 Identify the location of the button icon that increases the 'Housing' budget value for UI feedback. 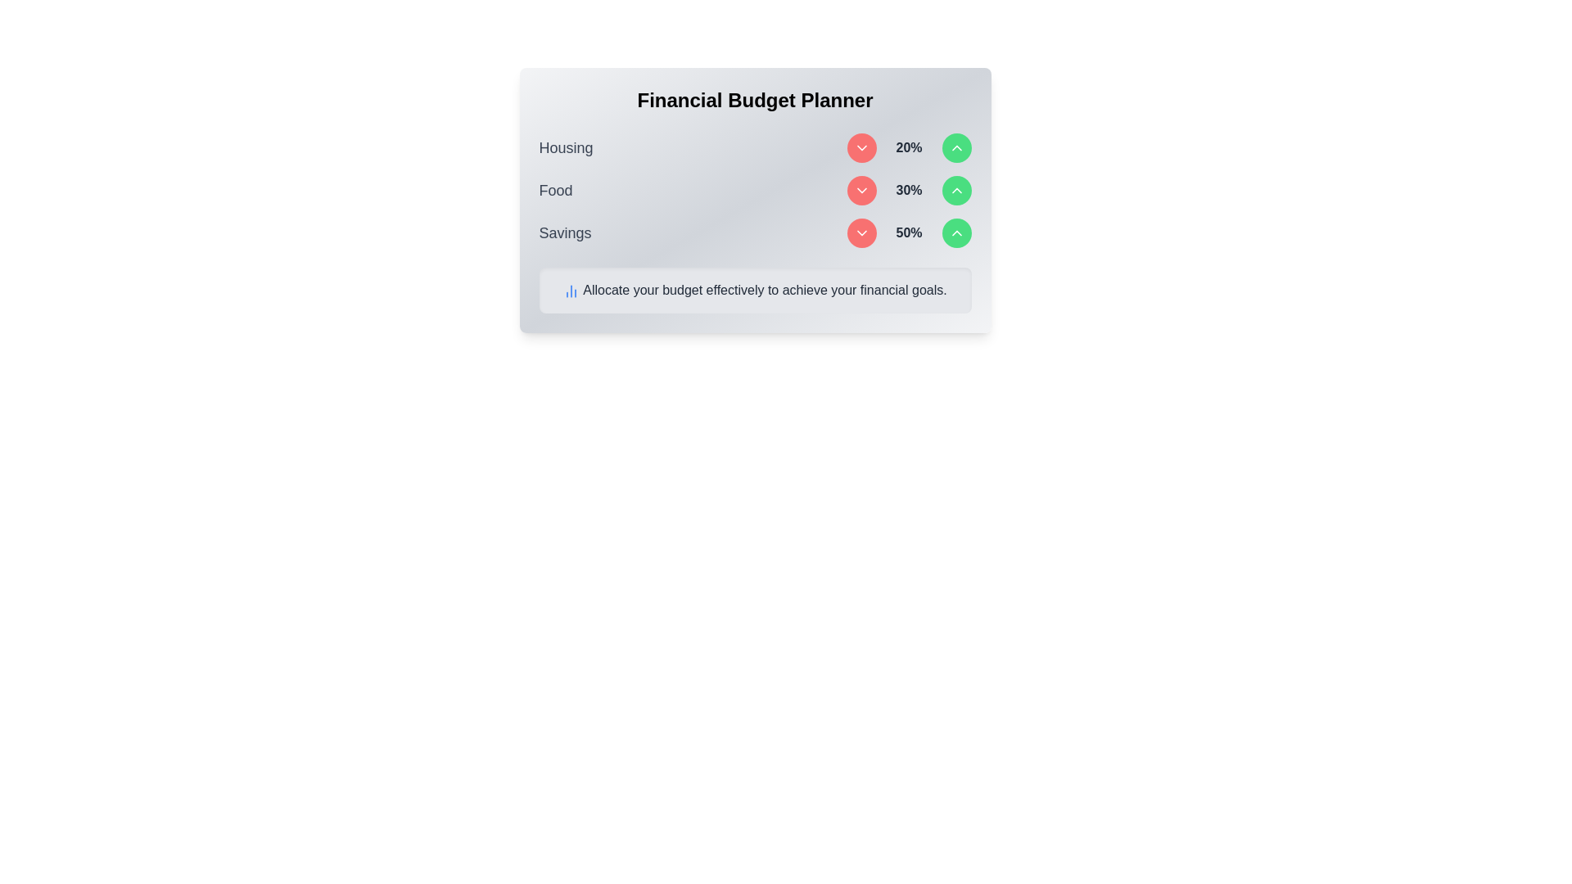
(956, 189).